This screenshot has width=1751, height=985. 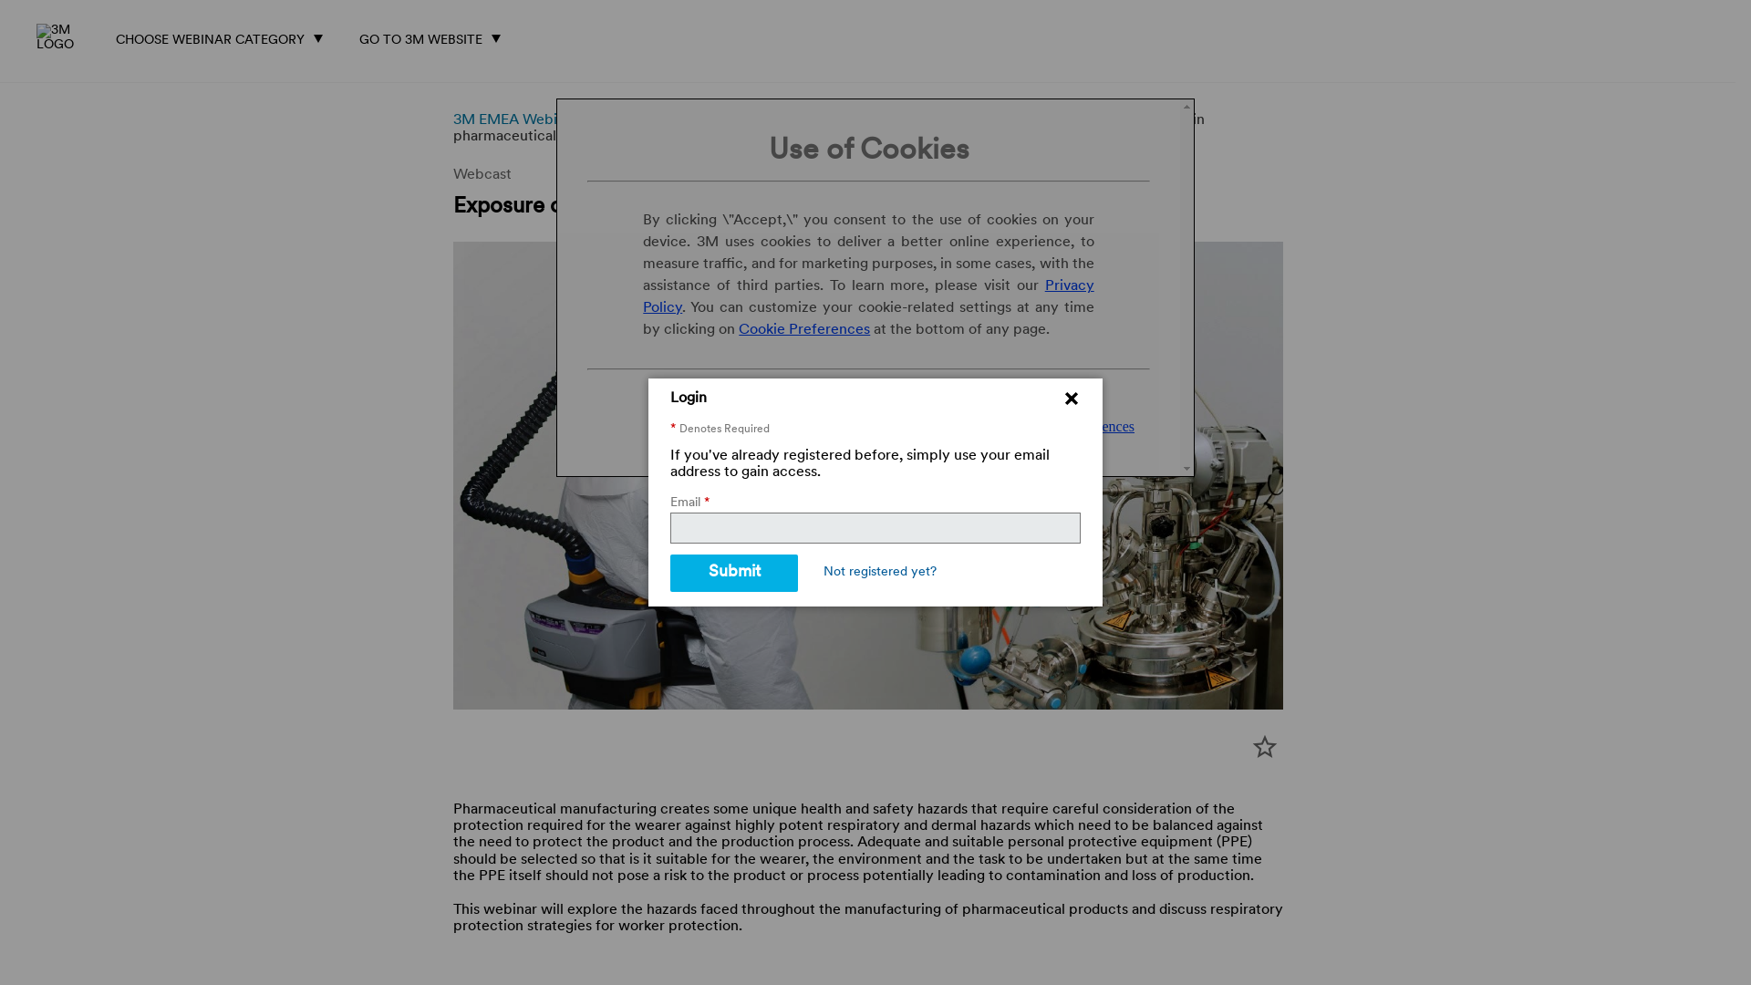 I want to click on 'Manage my preferences', so click(x=1063, y=426).